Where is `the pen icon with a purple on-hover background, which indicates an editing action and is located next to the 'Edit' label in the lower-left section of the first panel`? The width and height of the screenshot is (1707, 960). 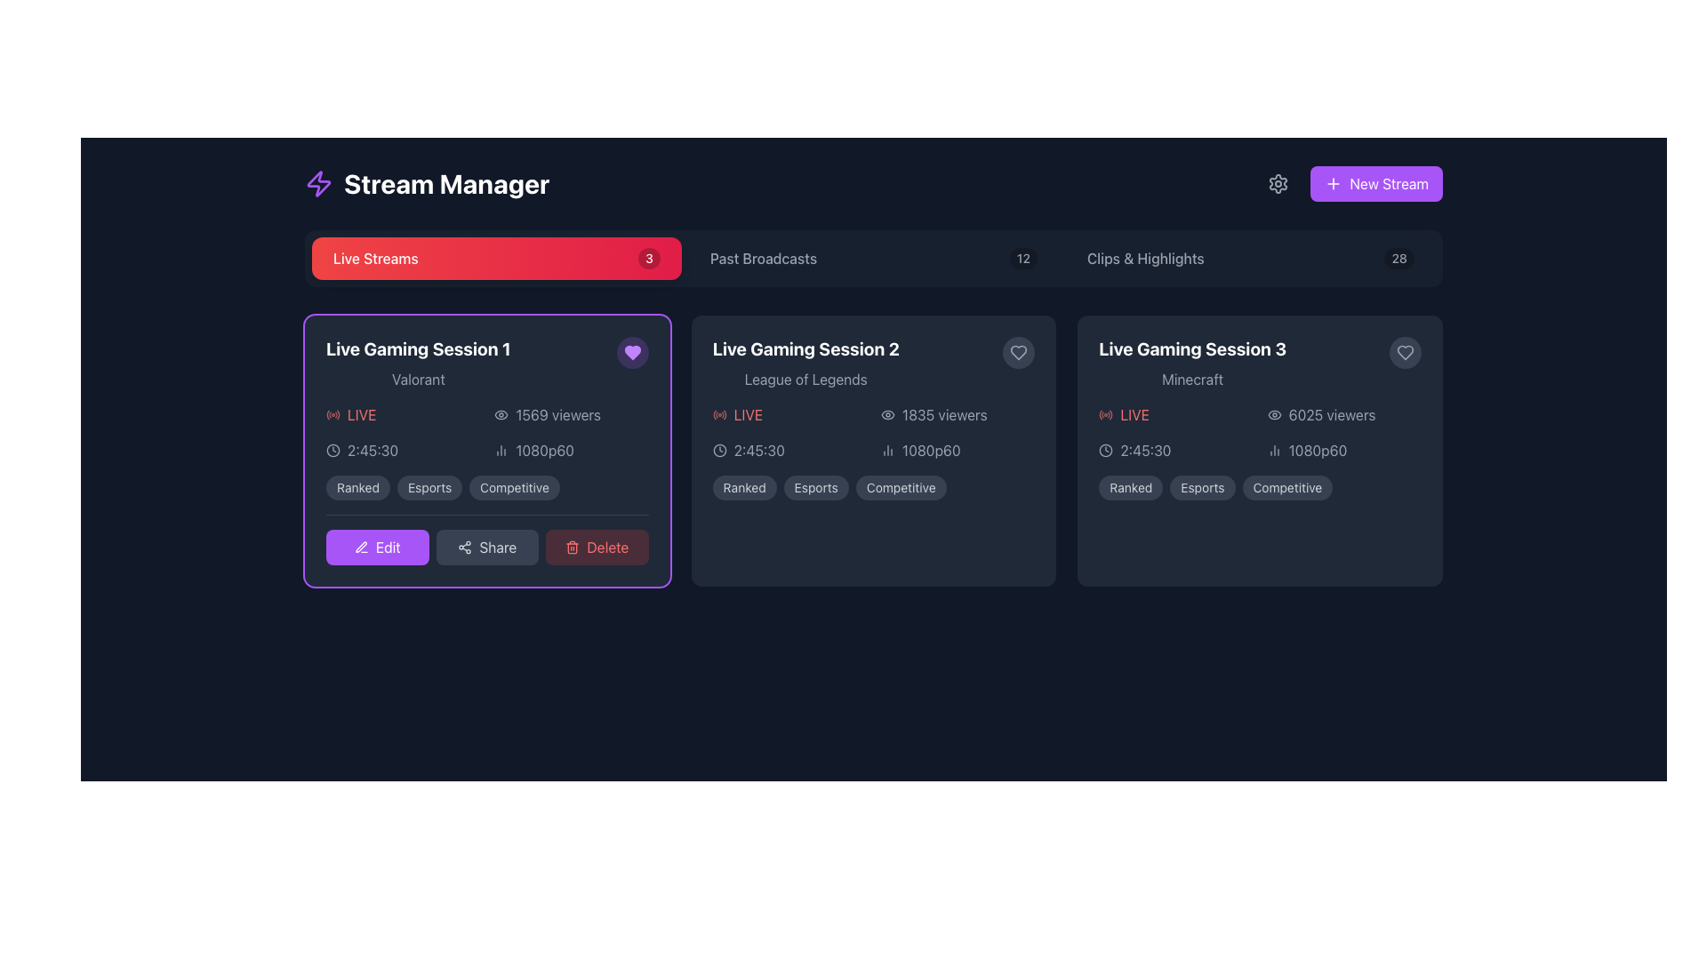
the pen icon with a purple on-hover background, which indicates an editing action and is located next to the 'Edit' label in the lower-left section of the first panel is located at coordinates (360, 547).